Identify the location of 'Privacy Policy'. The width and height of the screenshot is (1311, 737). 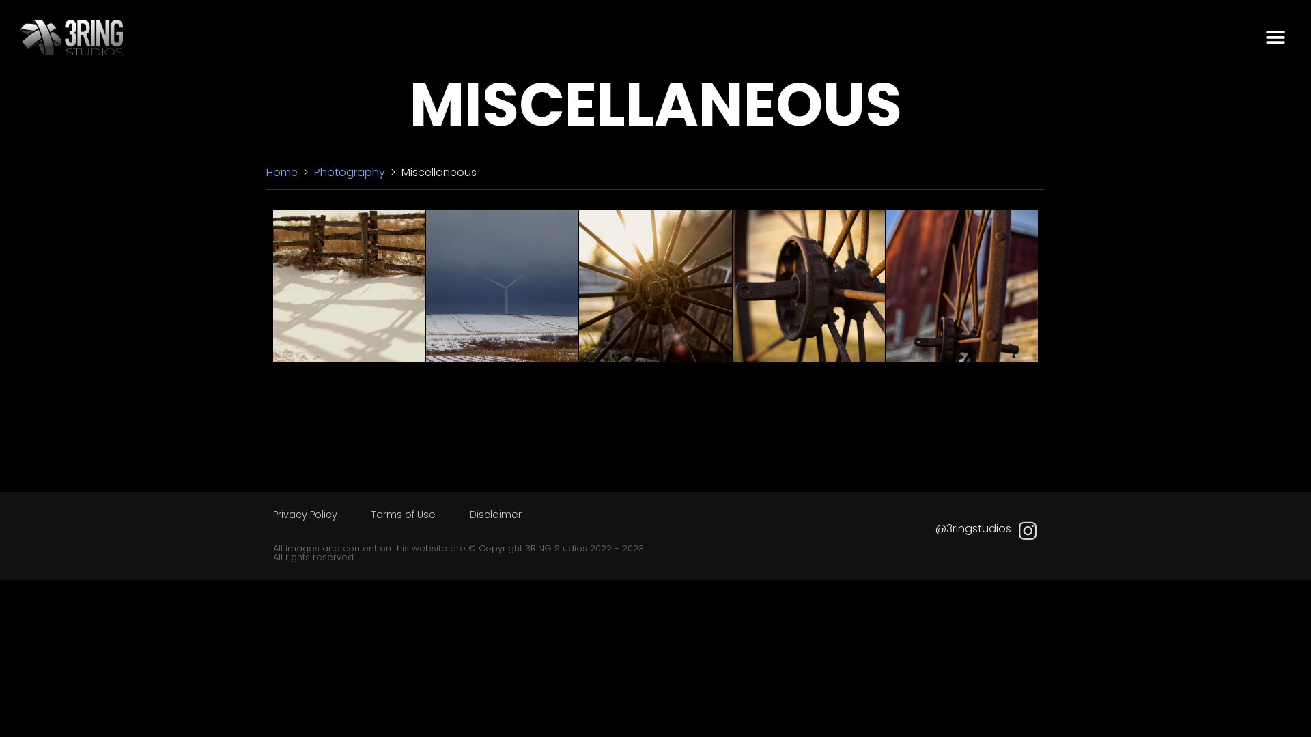
(304, 514).